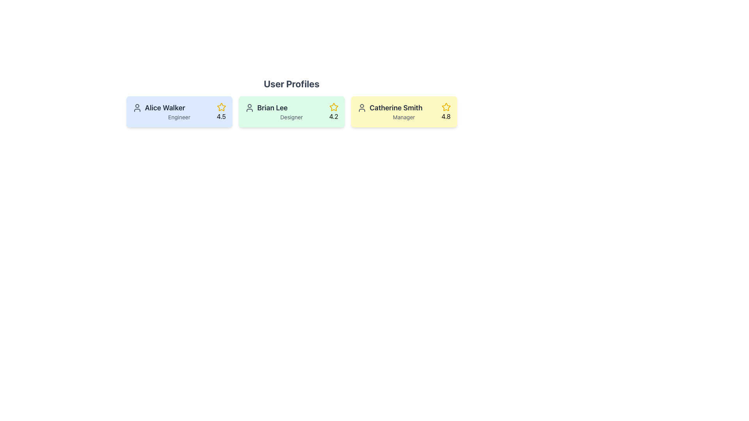 Image resolution: width=749 pixels, height=421 pixels. What do you see at coordinates (445, 106) in the screenshot?
I see `the star icon located in the third user card for Catherine Smith to interact with the rating` at bounding box center [445, 106].